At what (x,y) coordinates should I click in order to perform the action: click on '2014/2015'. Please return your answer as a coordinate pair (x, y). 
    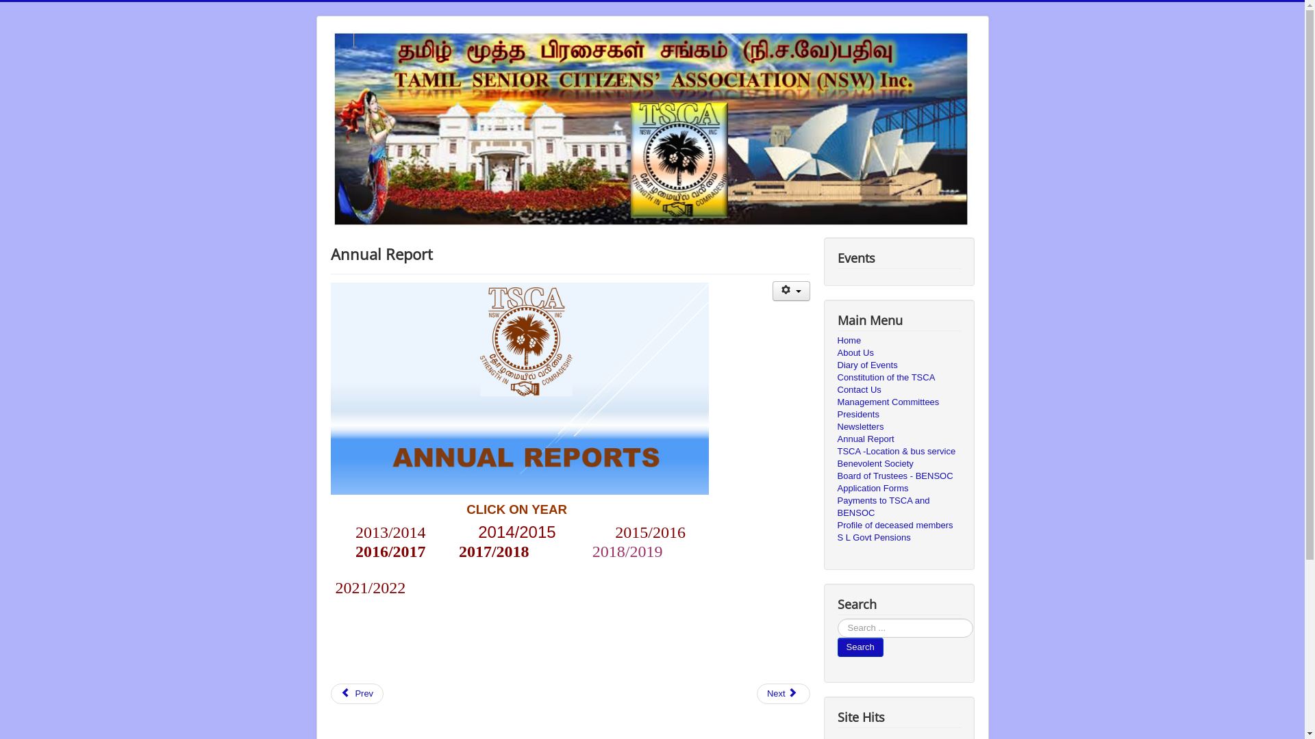
    Looking at the image, I should click on (516, 534).